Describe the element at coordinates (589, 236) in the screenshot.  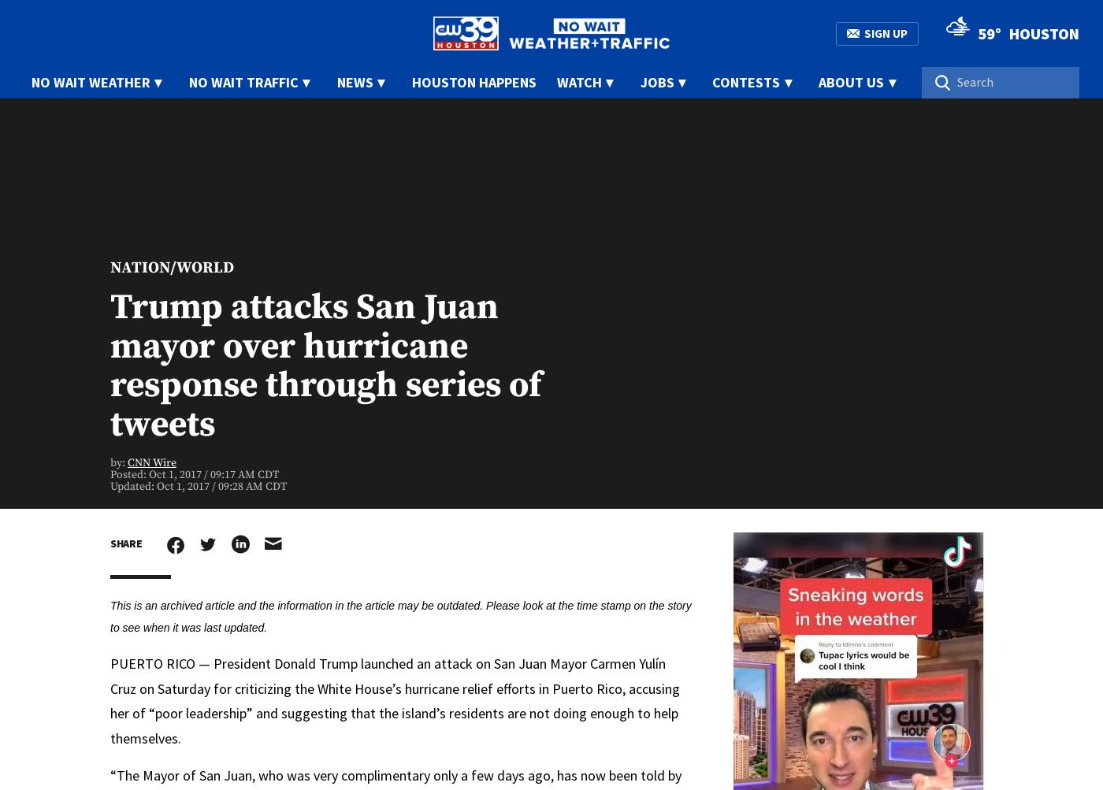
I see `'School Districts'` at that location.